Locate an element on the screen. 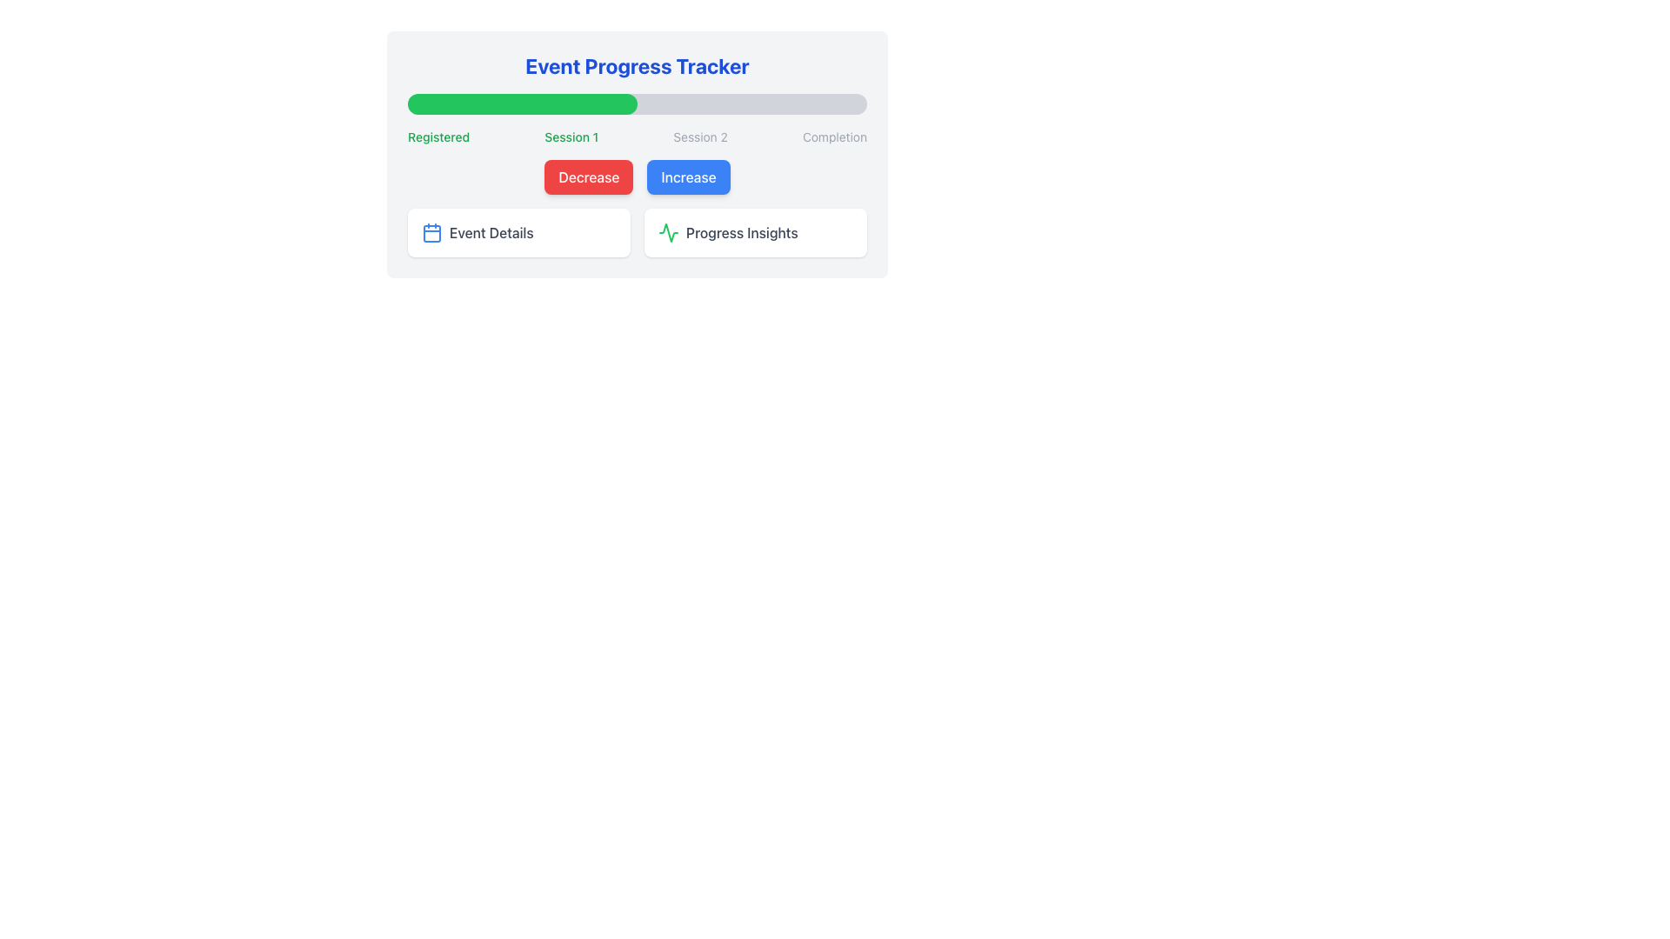 This screenshot has width=1670, height=939. the 'Registered' text label displayed in bright green color, which is the first element in the horizontal layout of statuses is located at coordinates (438, 137).